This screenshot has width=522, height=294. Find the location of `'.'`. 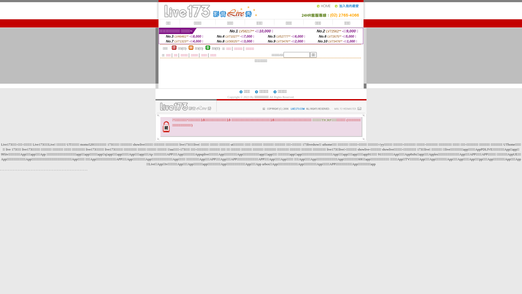

'.' is located at coordinates (4, 169).